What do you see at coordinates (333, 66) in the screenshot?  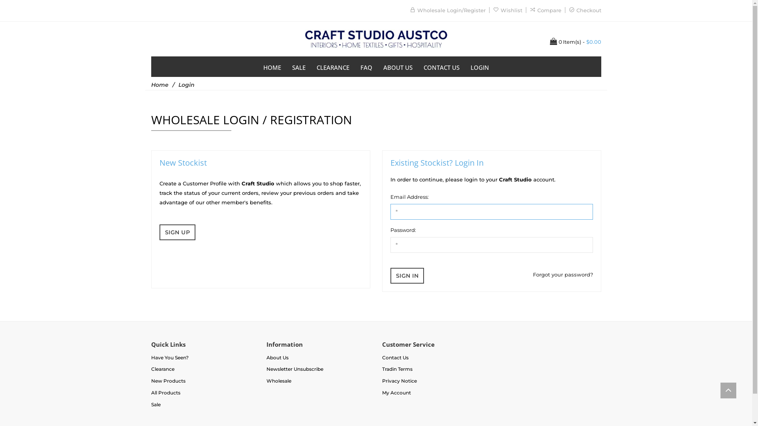 I see `'CLEARANCE'` at bounding box center [333, 66].